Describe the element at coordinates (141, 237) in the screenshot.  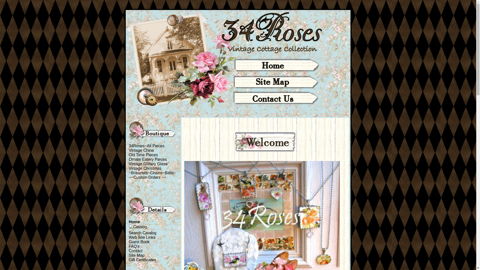
I see `'Web Site Links'` at that location.